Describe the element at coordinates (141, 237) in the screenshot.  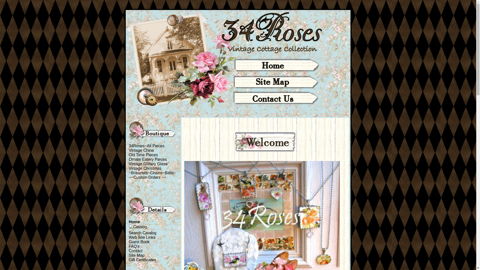
I see `'Web Site Links'` at that location.